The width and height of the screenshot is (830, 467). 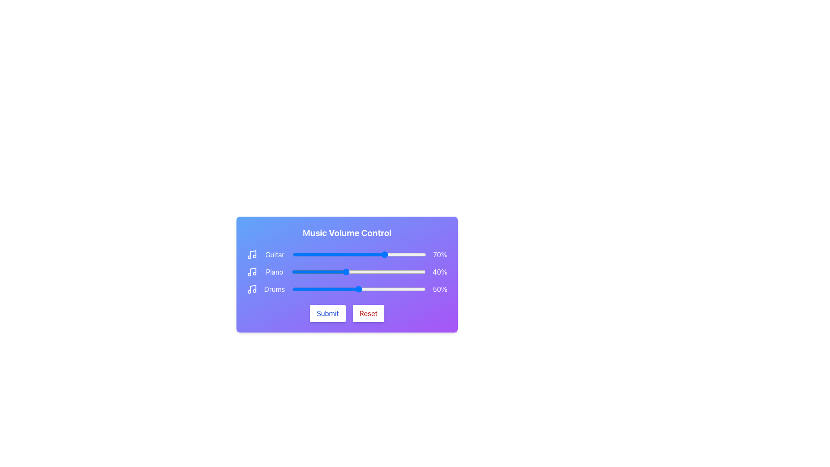 What do you see at coordinates (333, 254) in the screenshot?
I see `guitar volume` at bounding box center [333, 254].